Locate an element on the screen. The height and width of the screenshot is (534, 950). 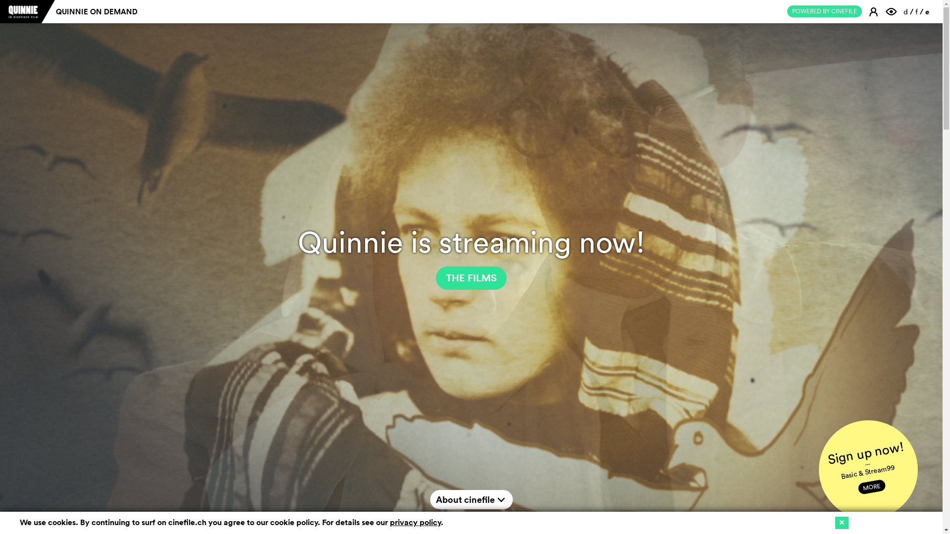
'F' is located at coordinates (892, 11).